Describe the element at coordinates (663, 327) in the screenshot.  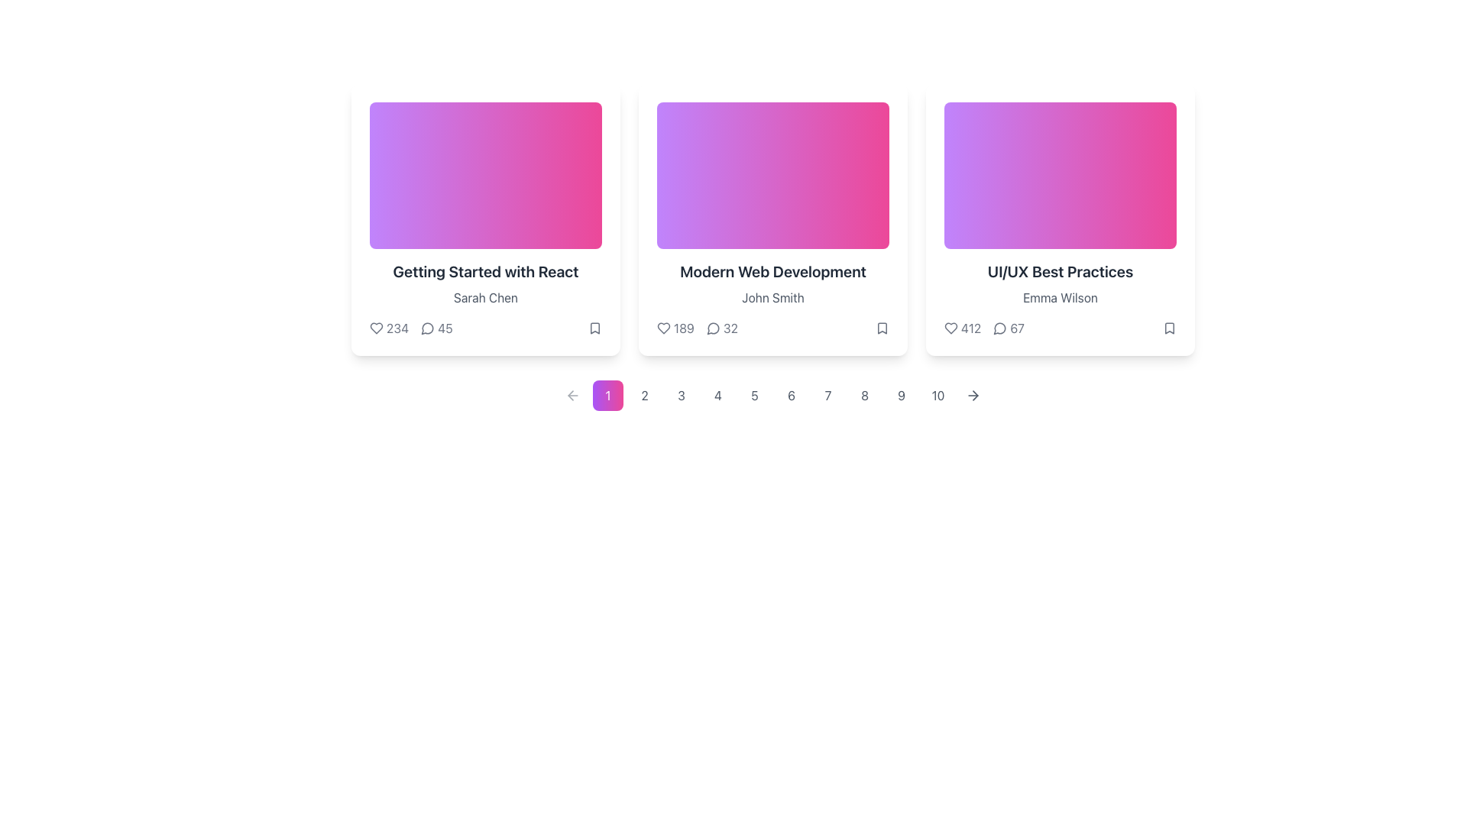
I see `the heart icon that signifies a 'like' or 'favorite' action, located within the second card from the left on the top row of the interface grid` at that location.